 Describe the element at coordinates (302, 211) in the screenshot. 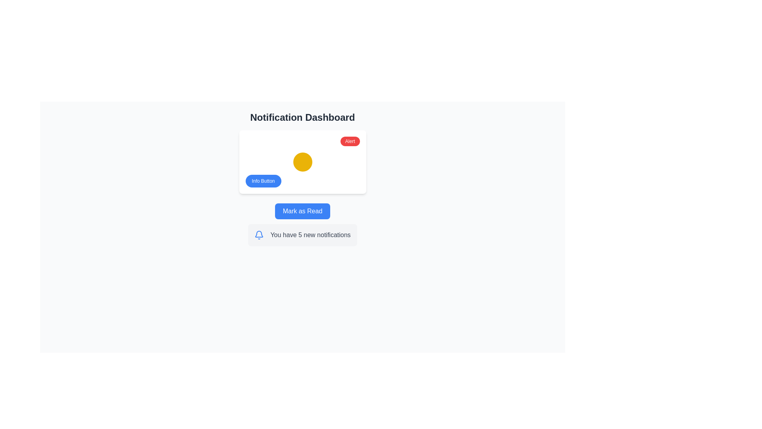

I see `the 'Mark as Read' button, which is a vivid blue rectangular button with white text` at that location.